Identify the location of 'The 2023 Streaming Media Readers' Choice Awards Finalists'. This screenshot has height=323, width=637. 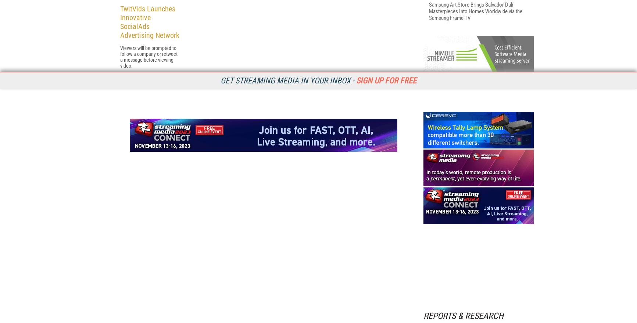
(475, 13).